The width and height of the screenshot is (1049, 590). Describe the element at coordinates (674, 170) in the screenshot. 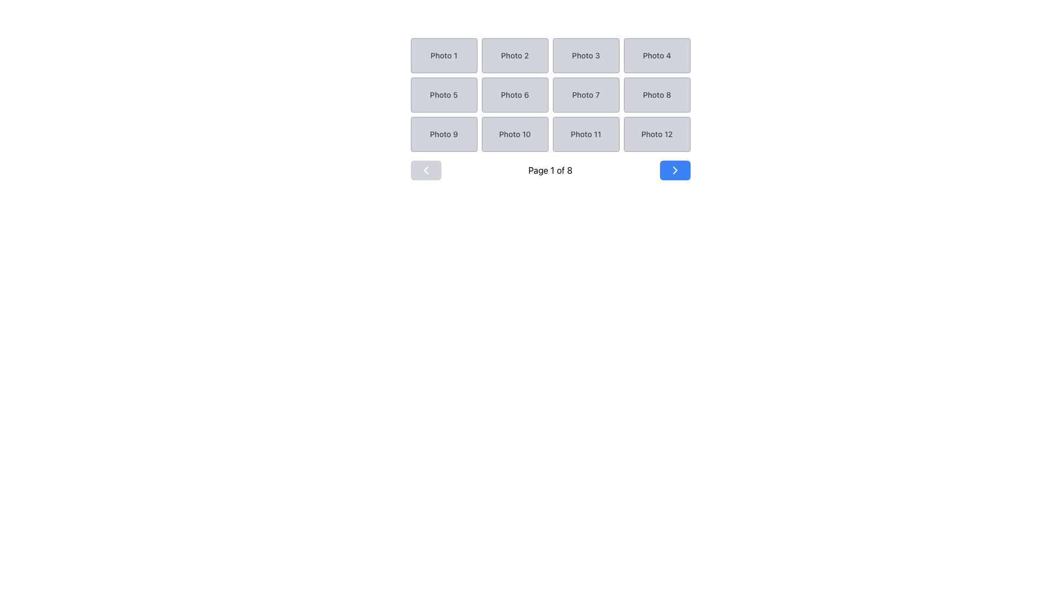

I see `the blue rectangular button with white text and a right-pointing chevron symbol` at that location.